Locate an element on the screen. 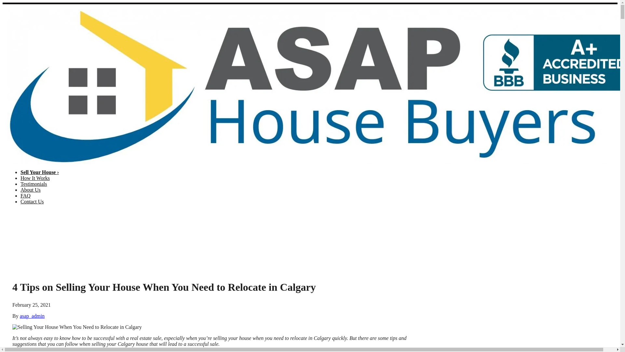 Image resolution: width=625 pixels, height=352 pixels. 'asap_admin' is located at coordinates (32, 315).